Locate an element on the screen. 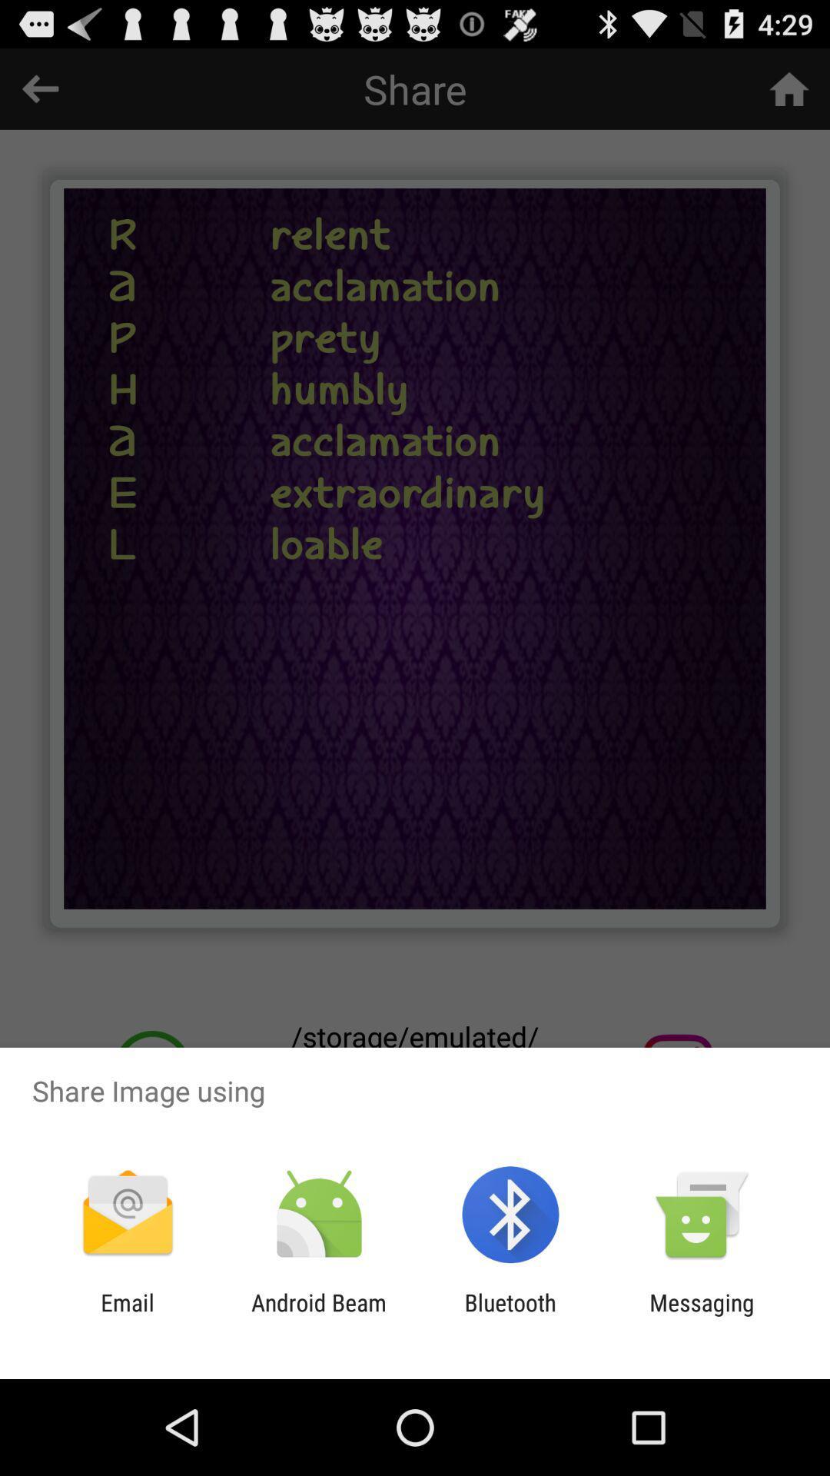 This screenshot has height=1476, width=830. the bluetooth icon is located at coordinates (510, 1315).